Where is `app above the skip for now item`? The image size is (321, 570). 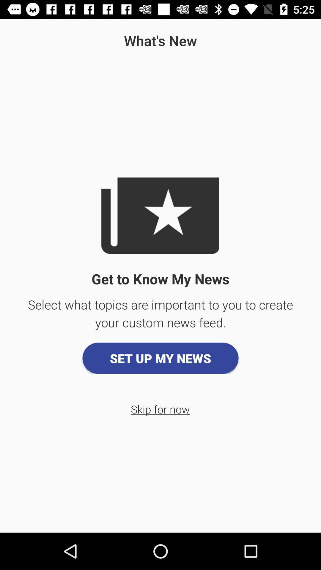 app above the skip for now item is located at coordinates (160, 358).